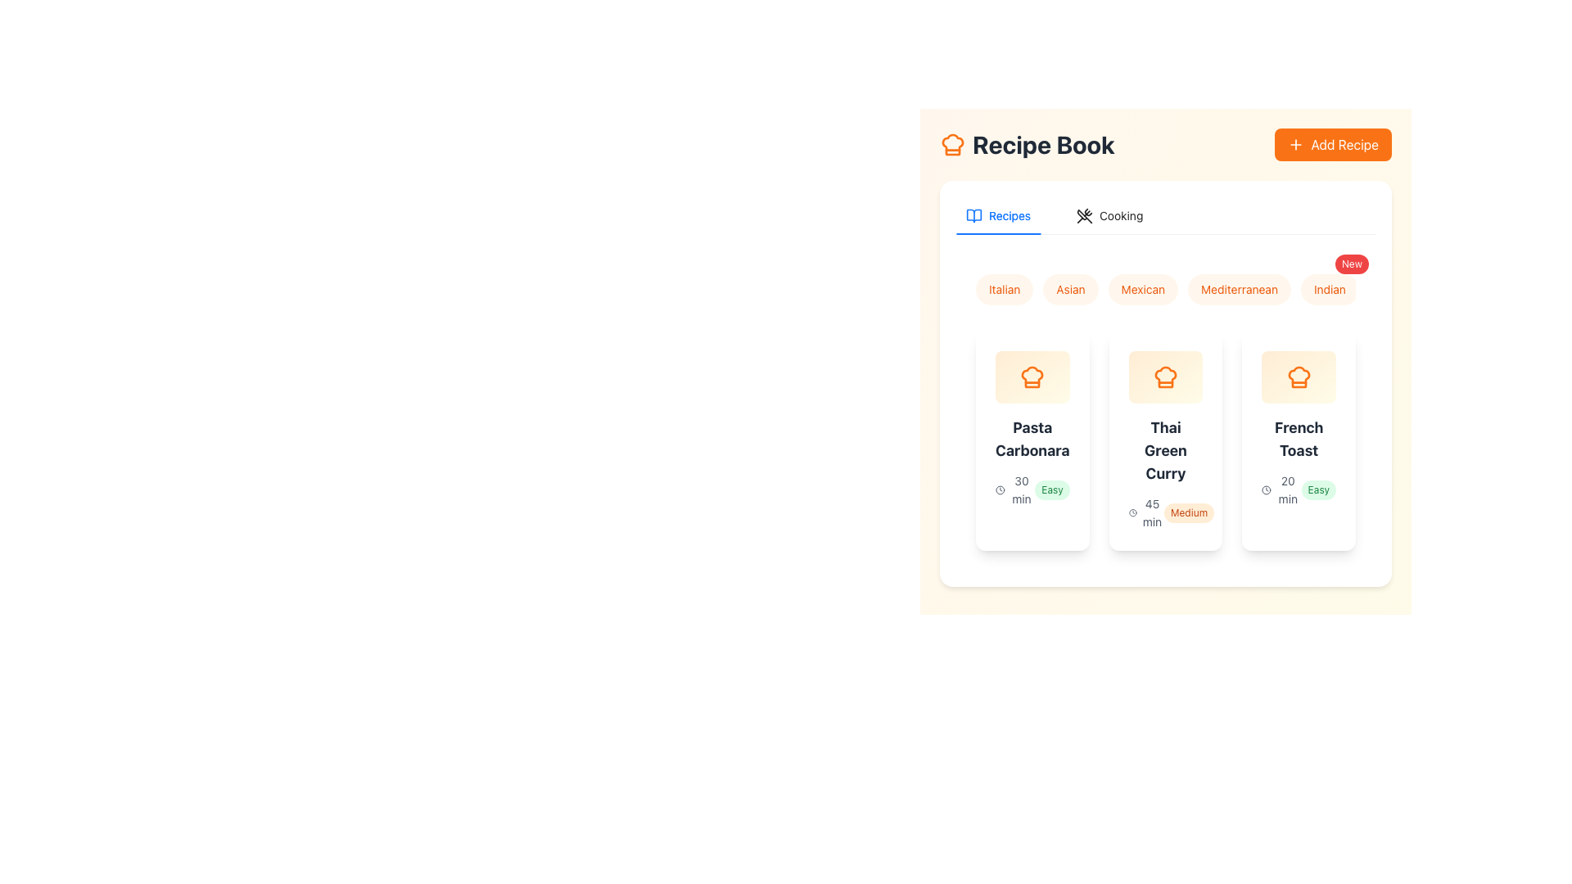 The height and width of the screenshot is (884, 1572). What do you see at coordinates (1189, 512) in the screenshot?
I see `'Medium' difficulty level label located at the bottom-right corner of the 'Thai Green Curry' card, beneath the '45 min' text` at bounding box center [1189, 512].